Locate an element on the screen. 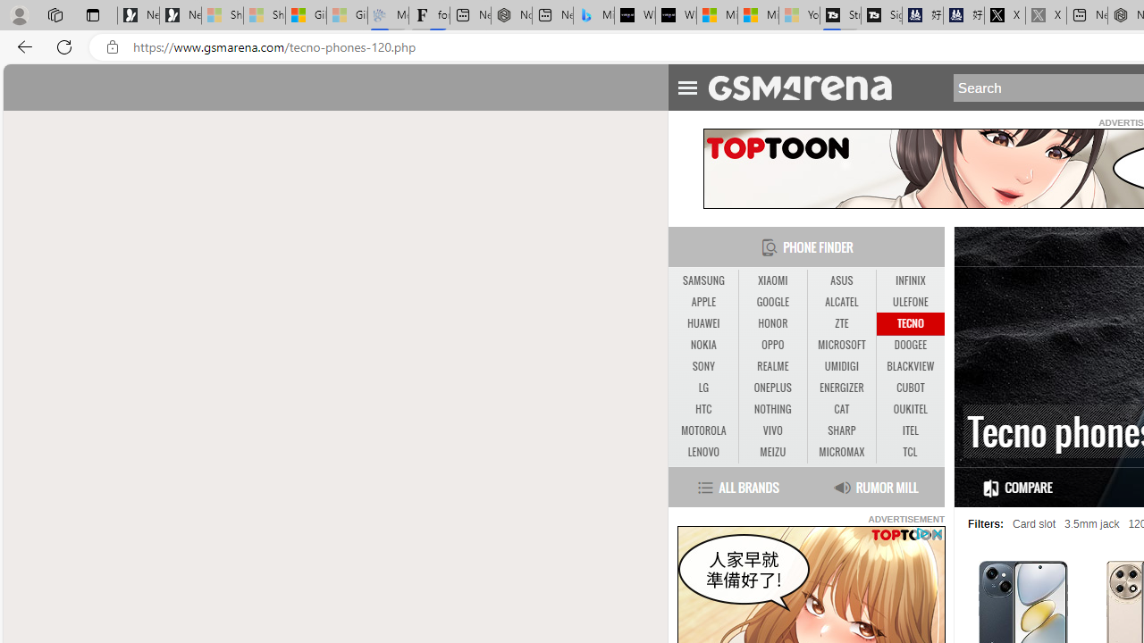  'Toggle Navigation' is located at coordinates (686, 85).